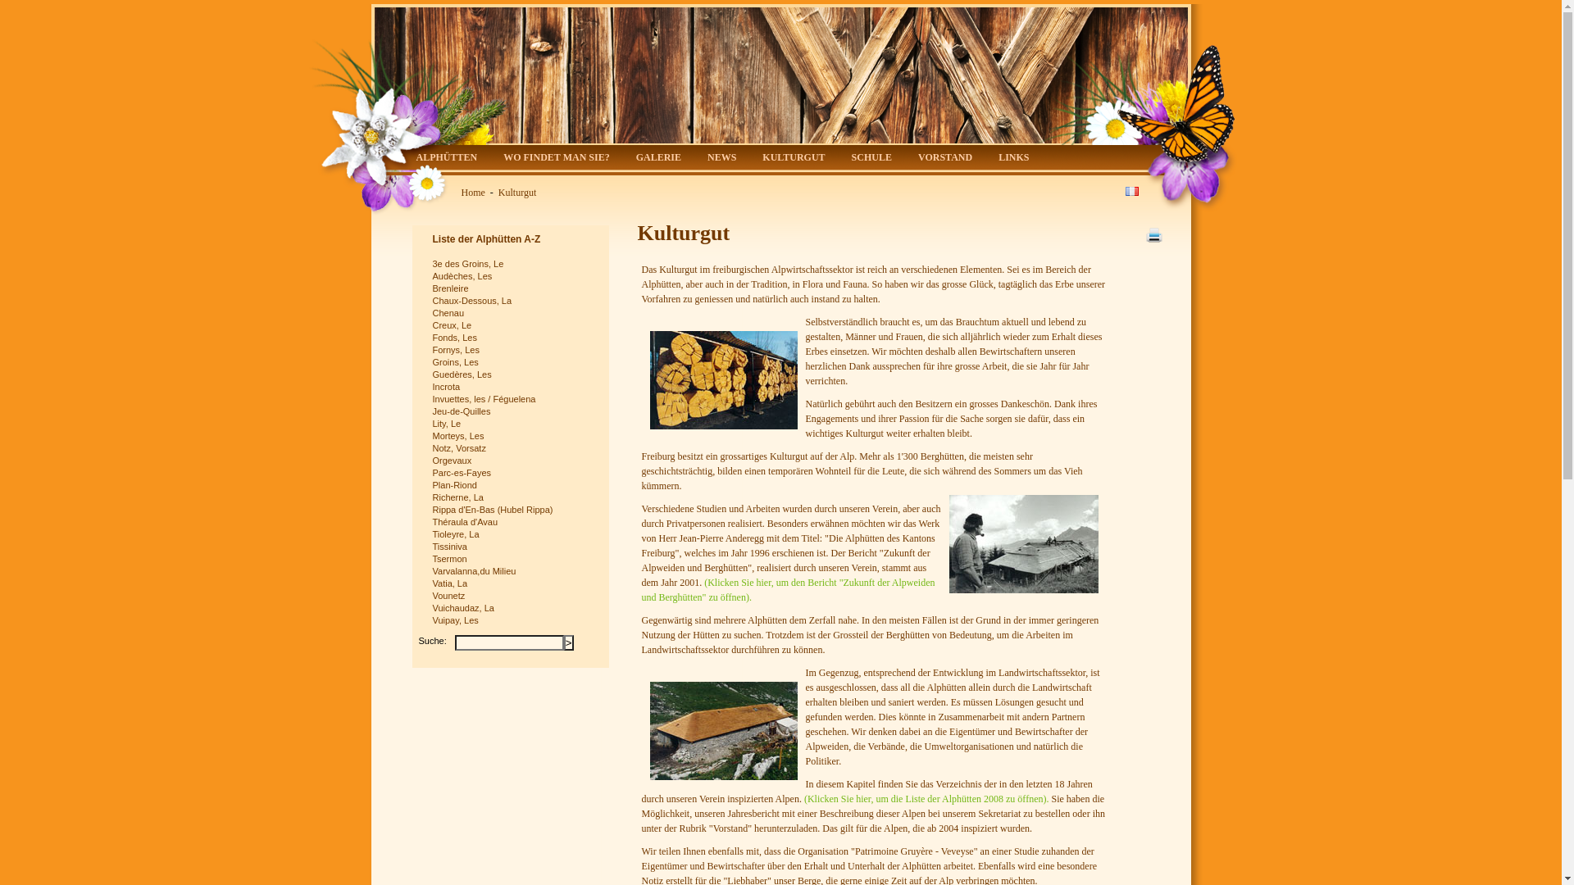 Image resolution: width=1574 pixels, height=885 pixels. What do you see at coordinates (512, 473) in the screenshot?
I see `'Parc-es-Fayes'` at bounding box center [512, 473].